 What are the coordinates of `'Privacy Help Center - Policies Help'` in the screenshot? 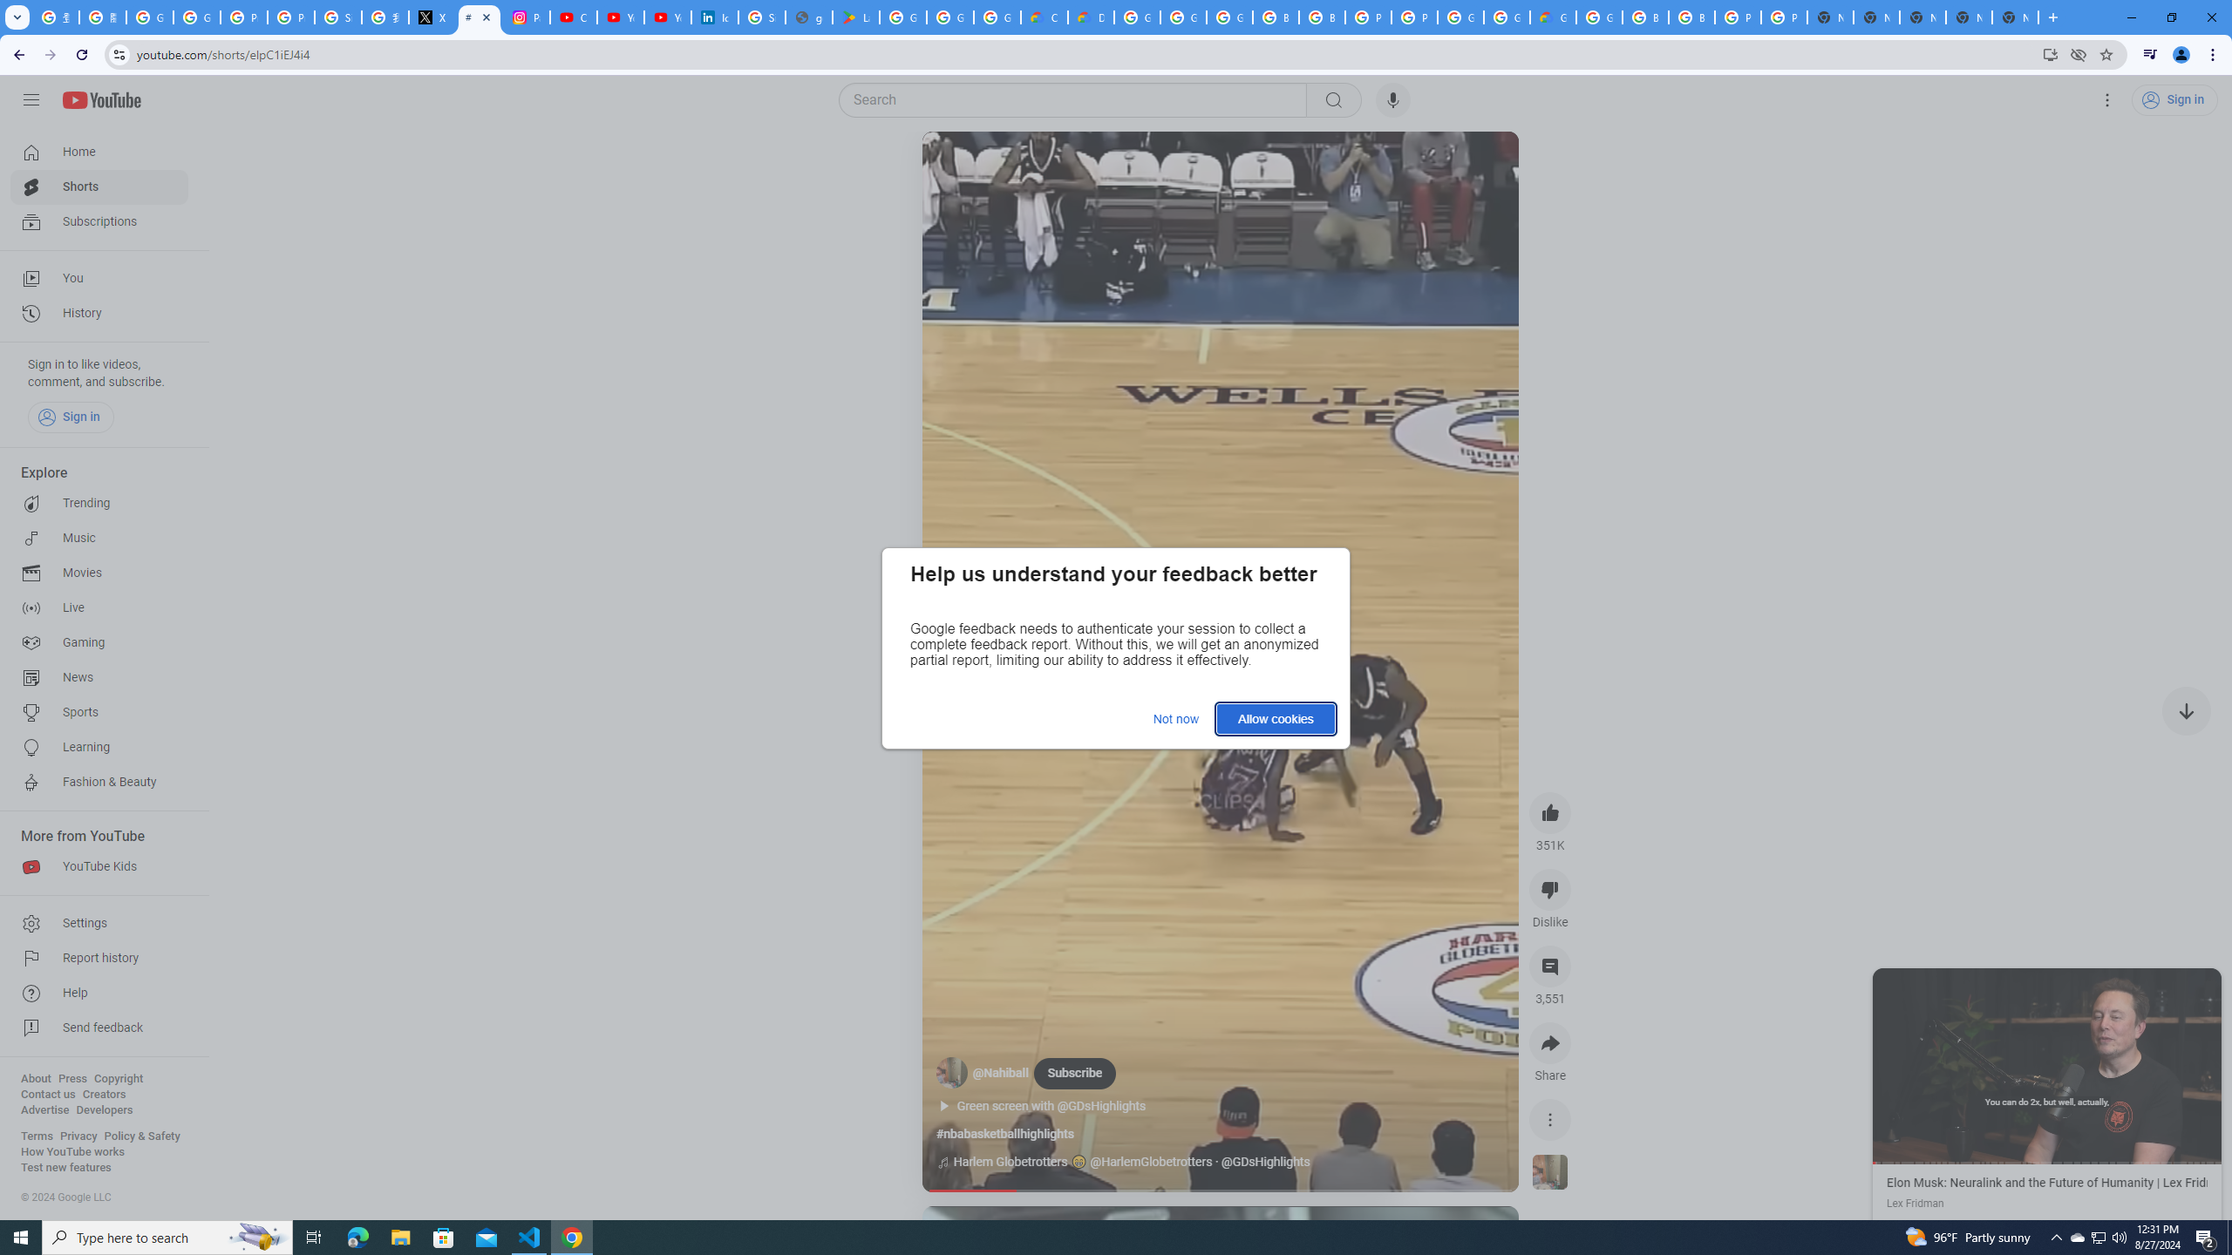 It's located at (242, 17).